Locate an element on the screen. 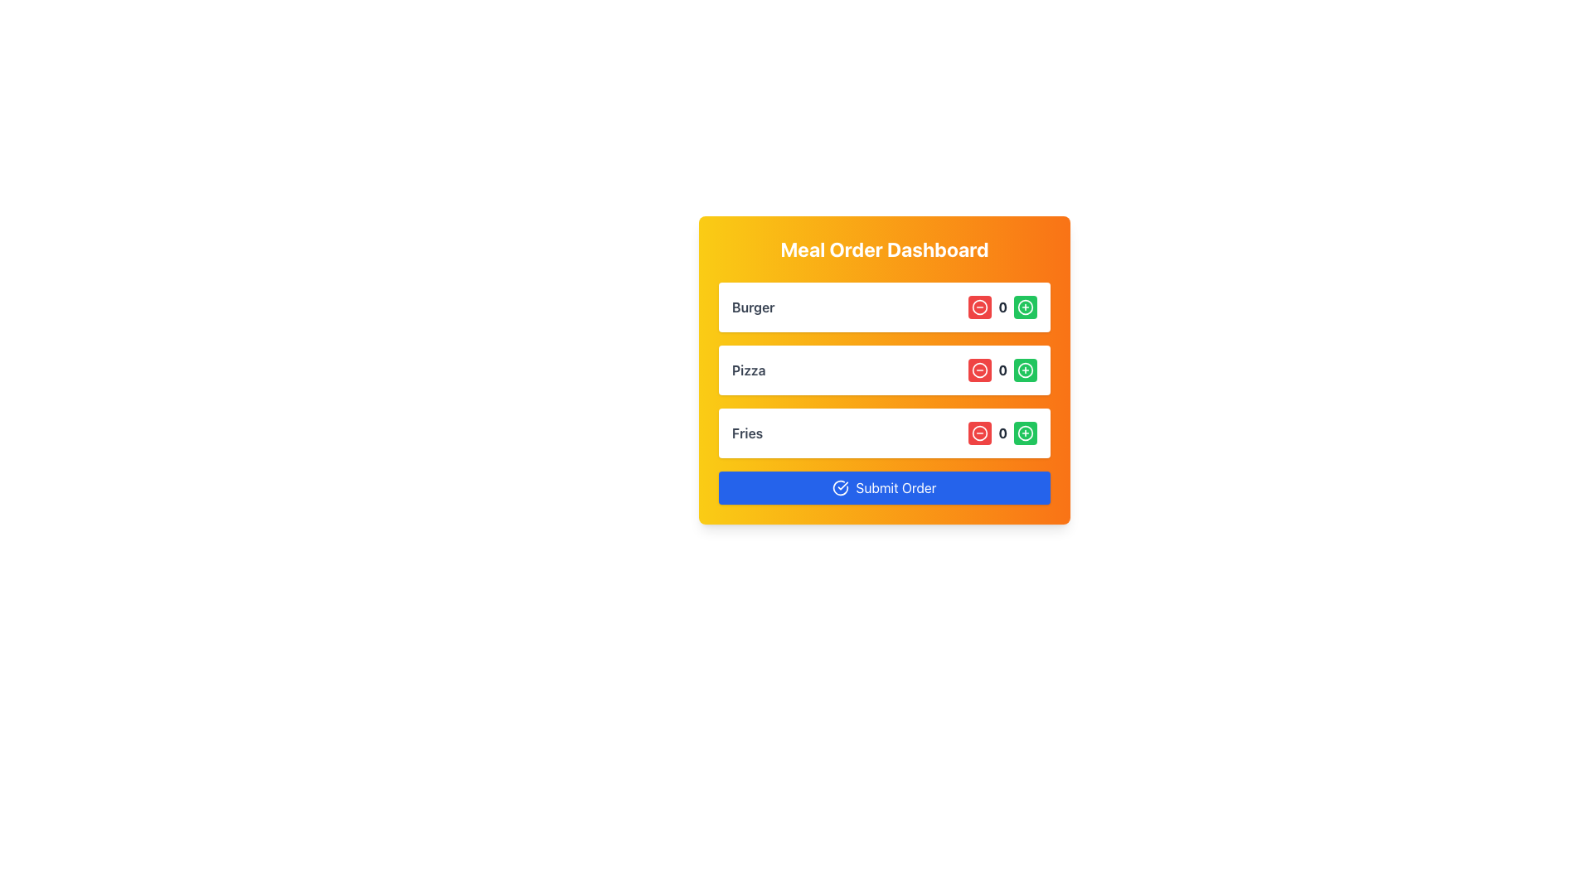  the counter value in the 'Burger' section of the meal order dashboard, which displays '0' is located at coordinates (883, 307).